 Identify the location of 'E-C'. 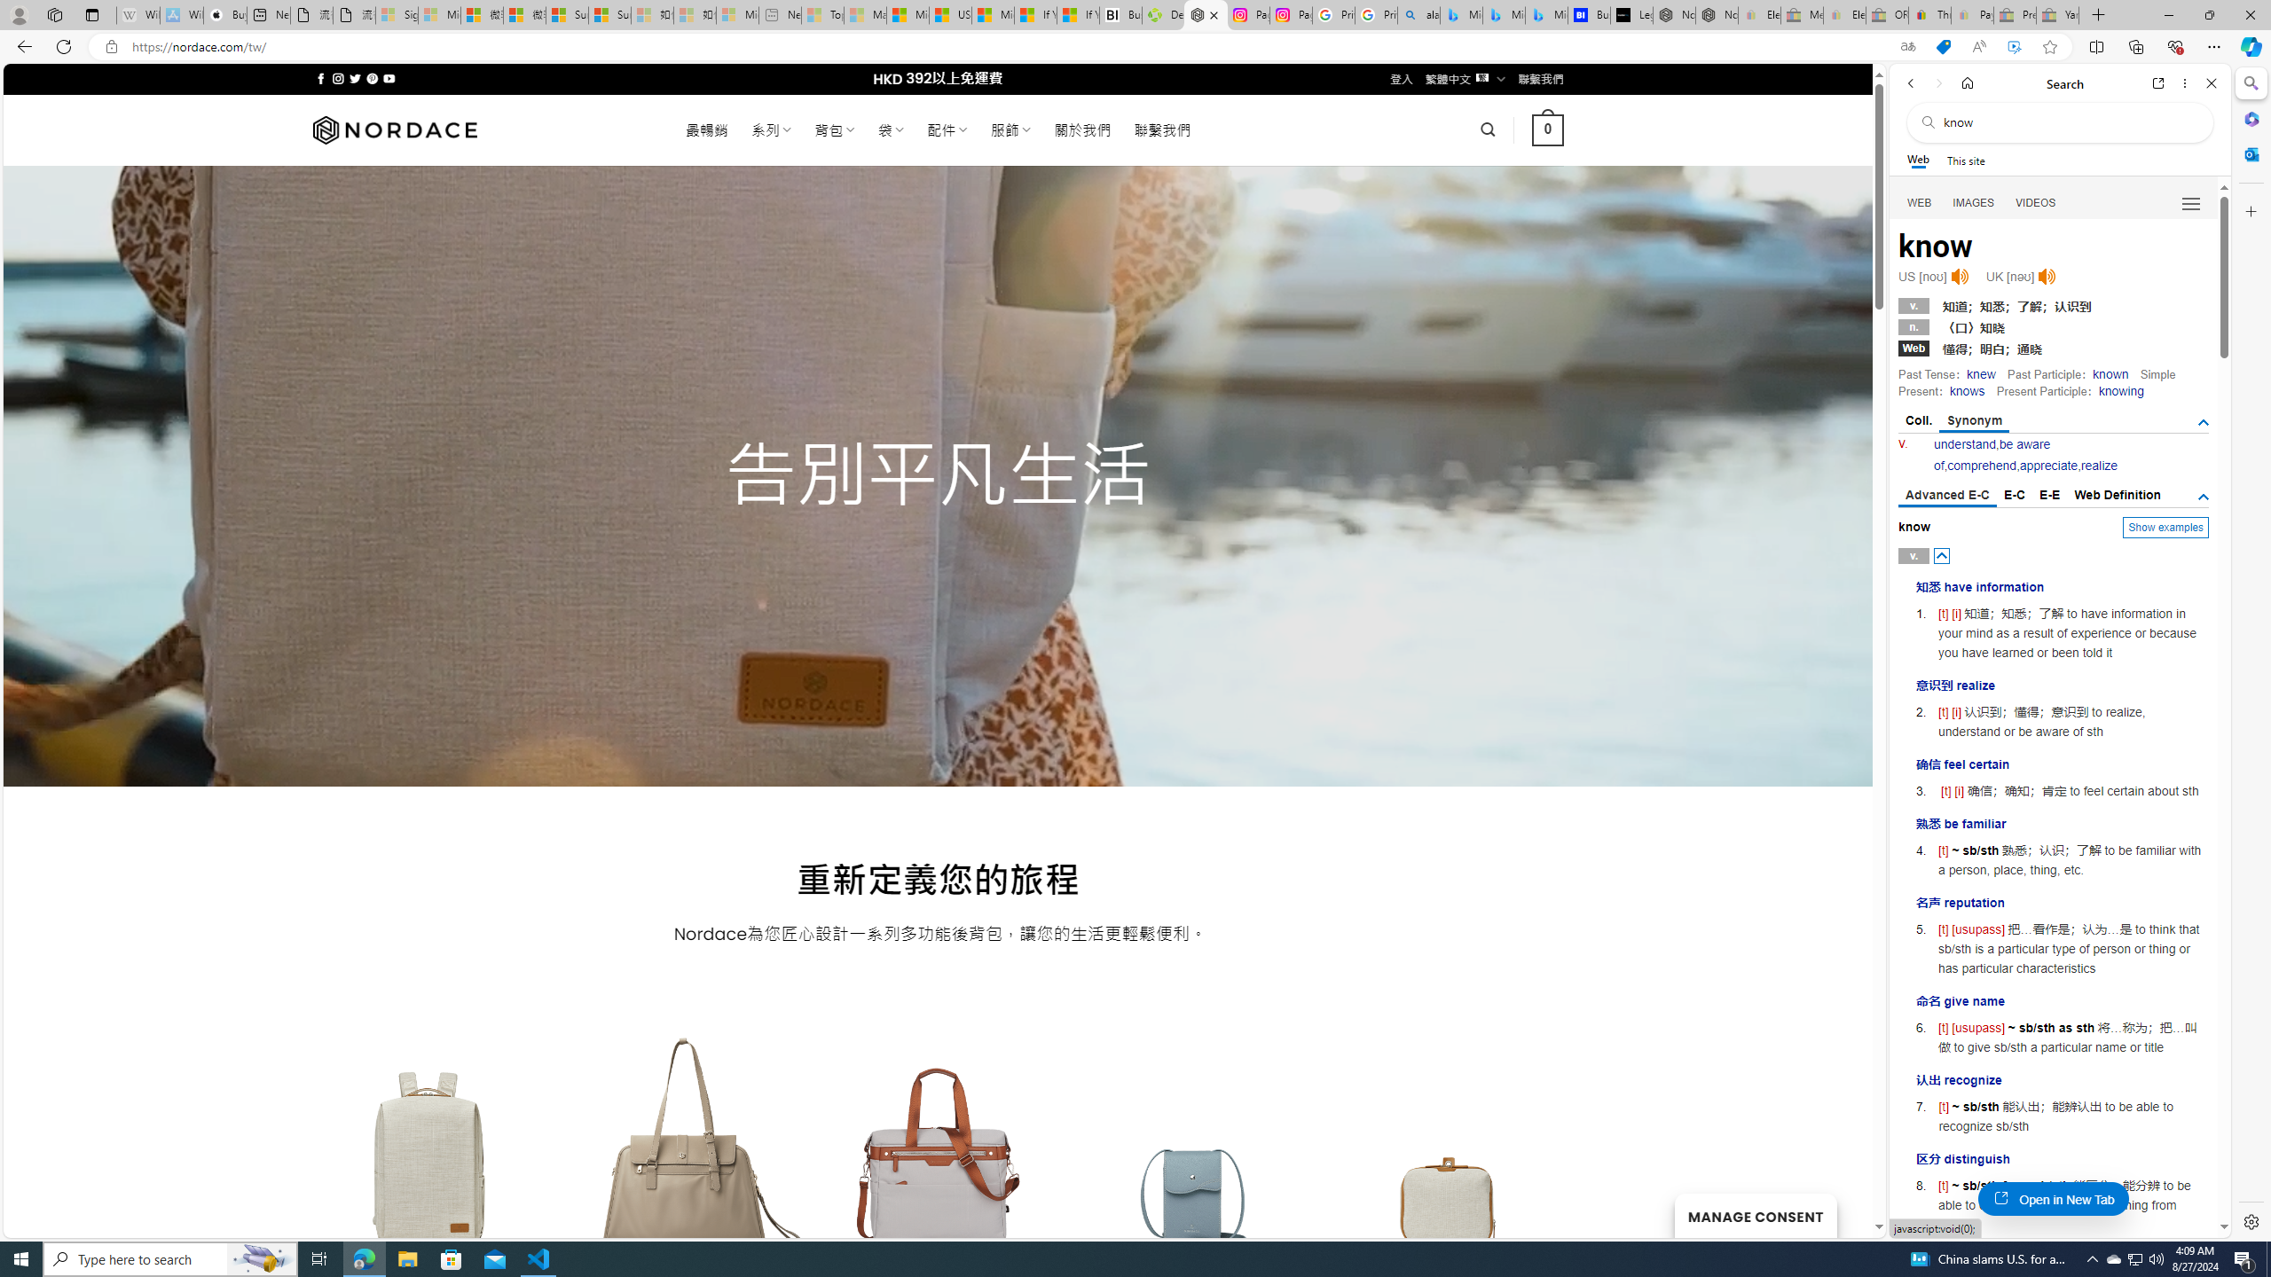
(2014, 495).